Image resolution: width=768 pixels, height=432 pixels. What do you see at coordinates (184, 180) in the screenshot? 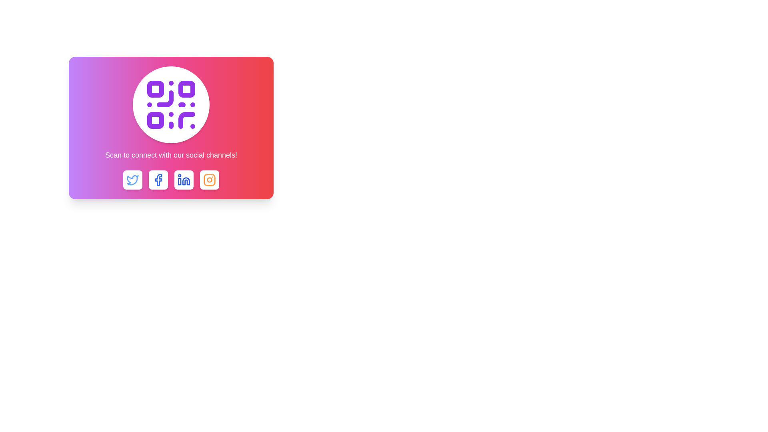
I see `the LinkedIn logo icon, which is a blue and white circular design located as the third icon from the left beneath a QR code display, to follow the LinkedIn link` at bounding box center [184, 180].